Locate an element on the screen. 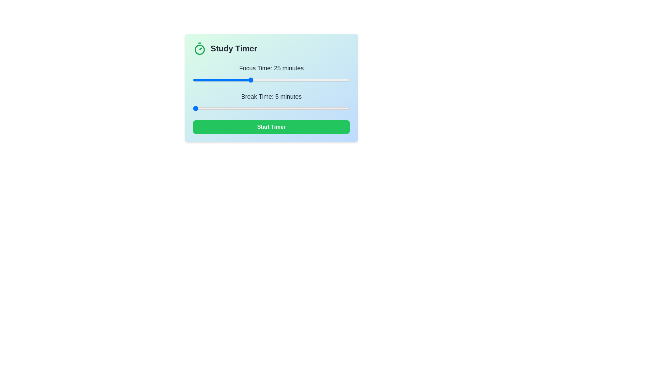  the focus time slider to set the duration to 30 minutes is located at coordinates (264, 79).